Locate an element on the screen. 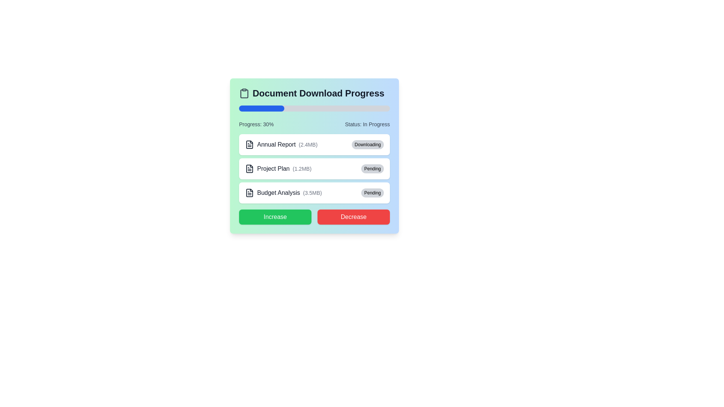  the informational card for the file 'Budget Analysis', which is 3.5MB in size and currently marked as 'Pending'. This card is the third in a list of three similar items is located at coordinates (314, 193).